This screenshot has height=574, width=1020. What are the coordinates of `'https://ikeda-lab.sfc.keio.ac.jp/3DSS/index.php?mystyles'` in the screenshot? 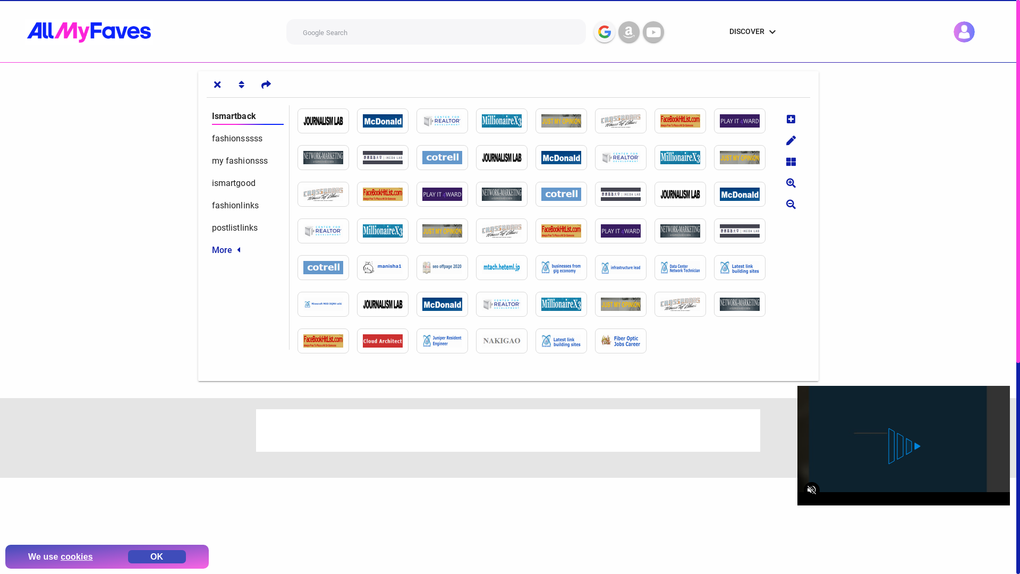 It's located at (625, 194).